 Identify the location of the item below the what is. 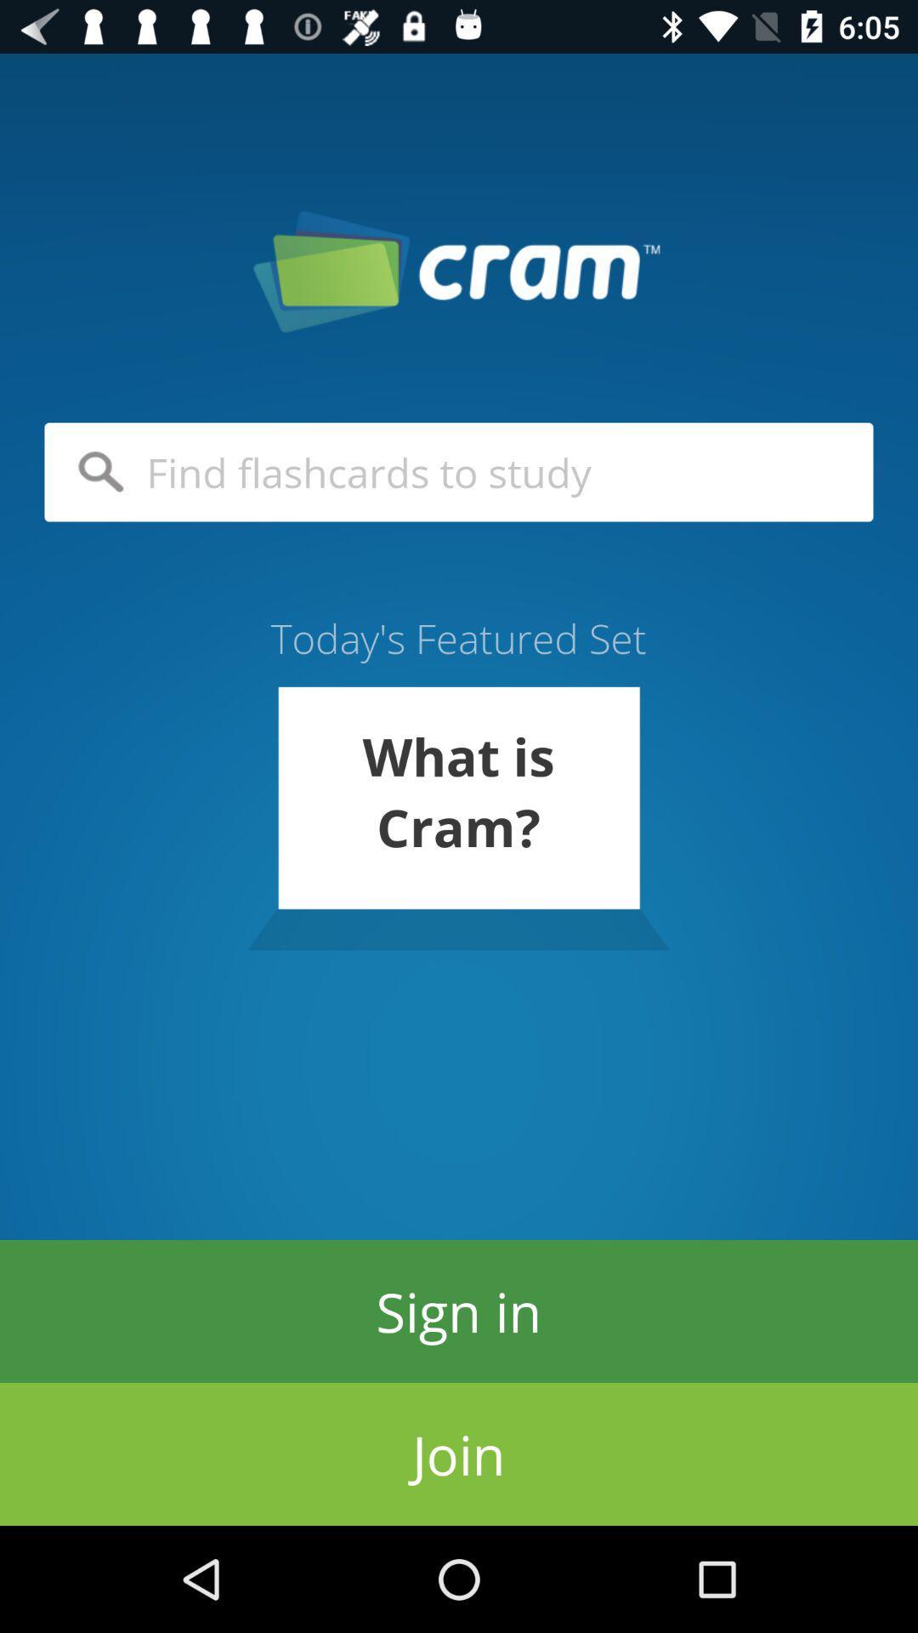
(459, 1310).